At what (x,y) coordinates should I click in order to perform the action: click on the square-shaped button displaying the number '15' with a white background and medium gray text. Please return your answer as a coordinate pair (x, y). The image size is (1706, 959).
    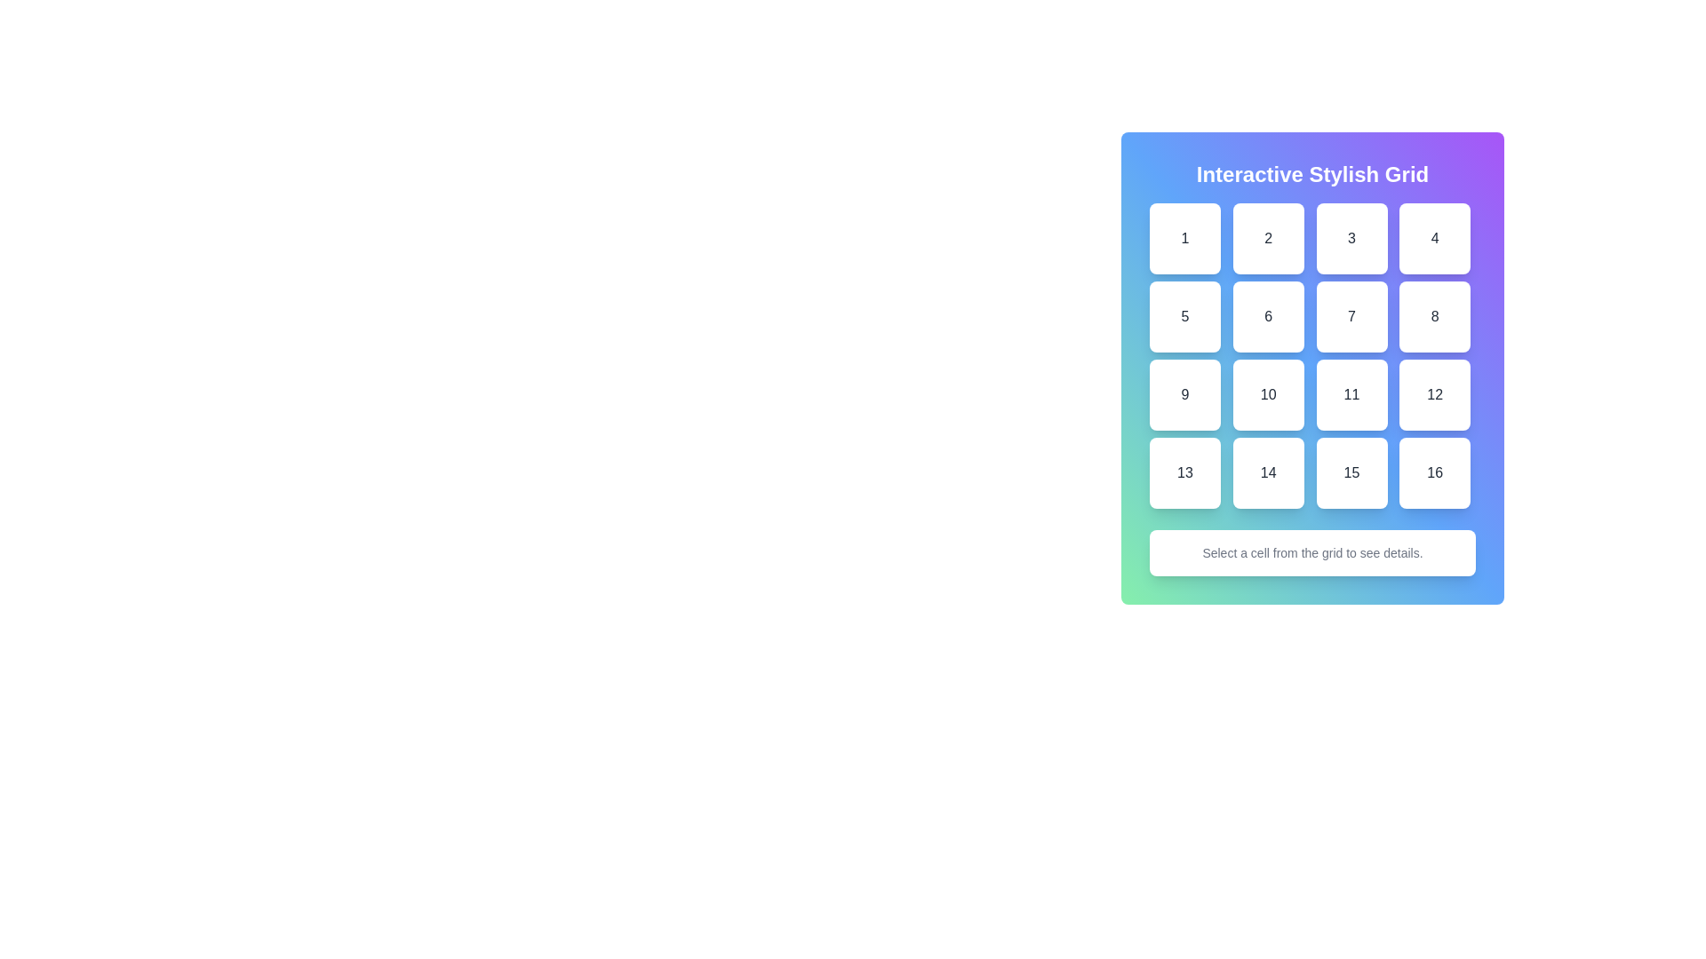
    Looking at the image, I should click on (1351, 472).